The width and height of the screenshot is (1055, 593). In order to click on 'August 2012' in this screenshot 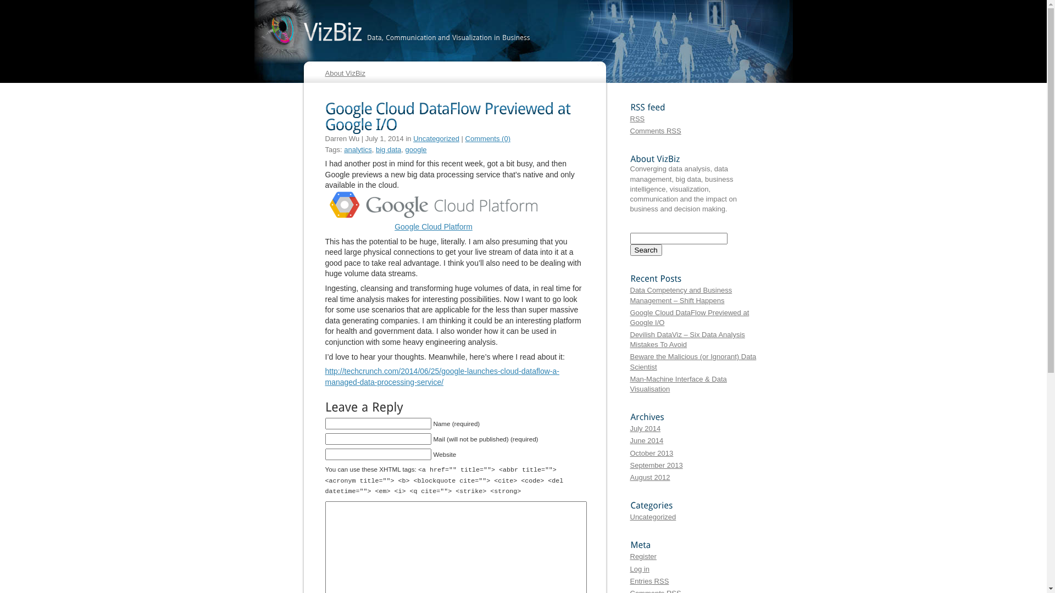, I will do `click(649, 477)`.